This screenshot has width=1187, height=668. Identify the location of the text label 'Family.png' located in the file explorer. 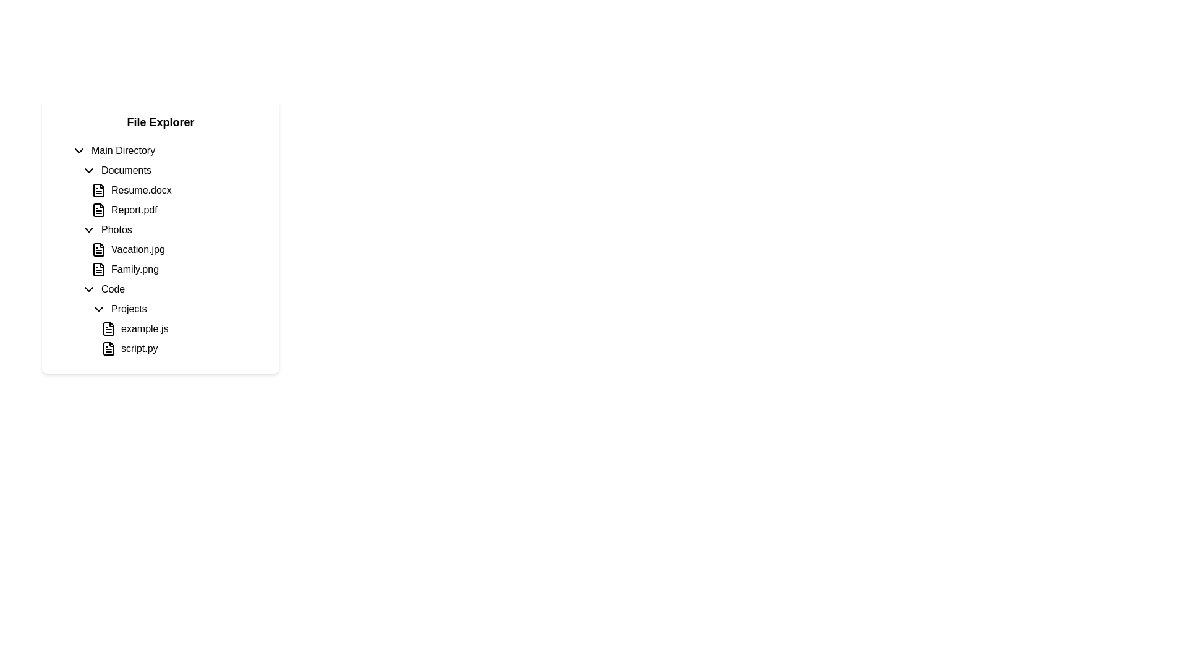
(134, 268).